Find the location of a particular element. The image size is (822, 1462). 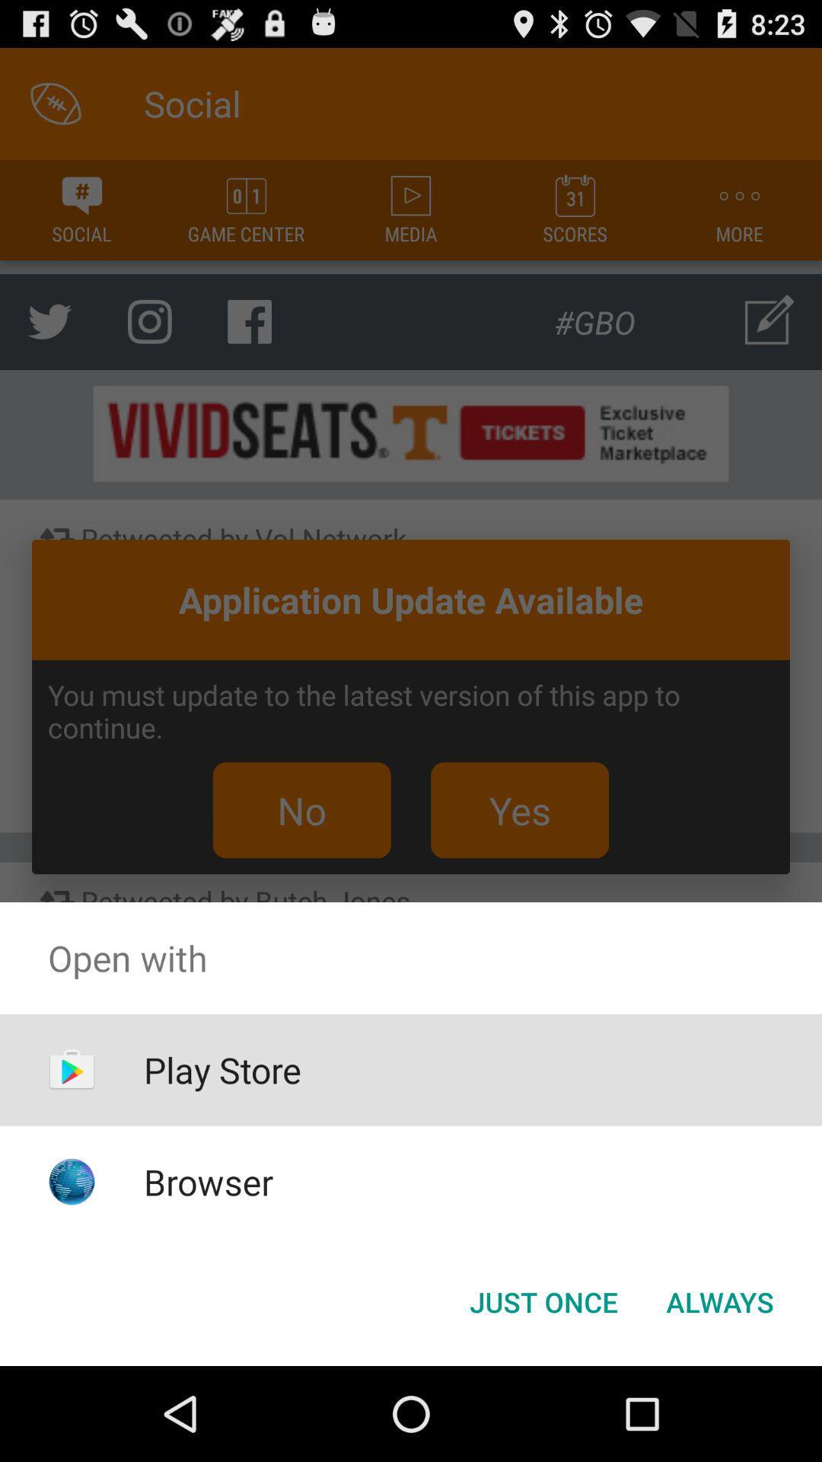

icon below play store item is located at coordinates (209, 1181).